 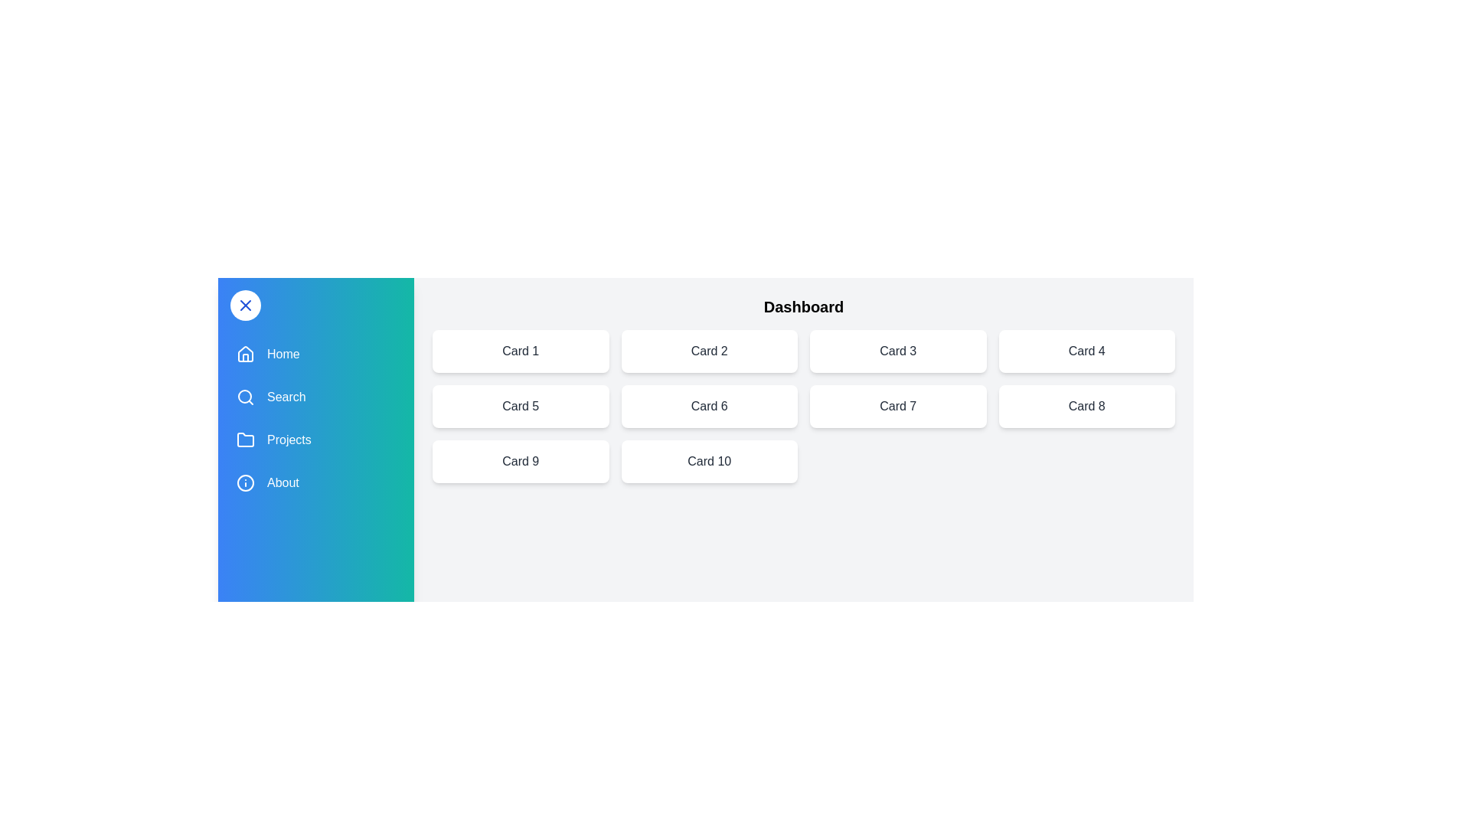 I want to click on the menu item labeled Projects, so click(x=315, y=440).